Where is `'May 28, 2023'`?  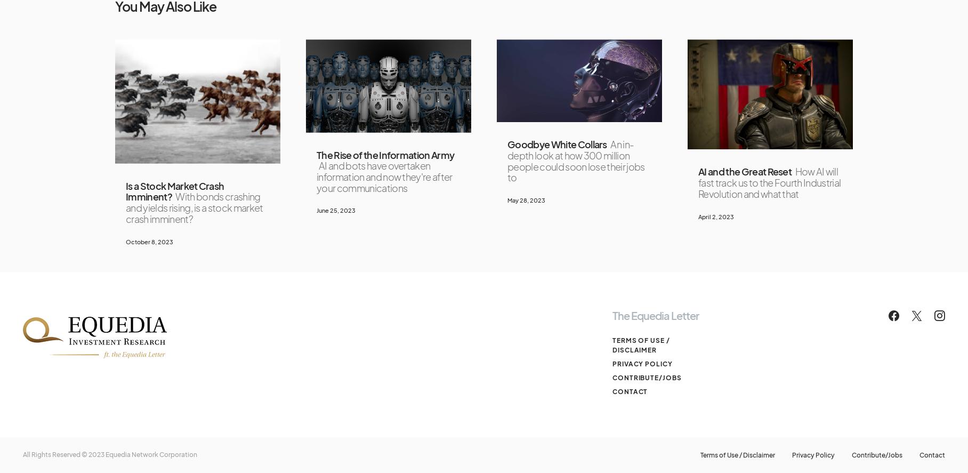 'May 28, 2023' is located at coordinates (526, 199).